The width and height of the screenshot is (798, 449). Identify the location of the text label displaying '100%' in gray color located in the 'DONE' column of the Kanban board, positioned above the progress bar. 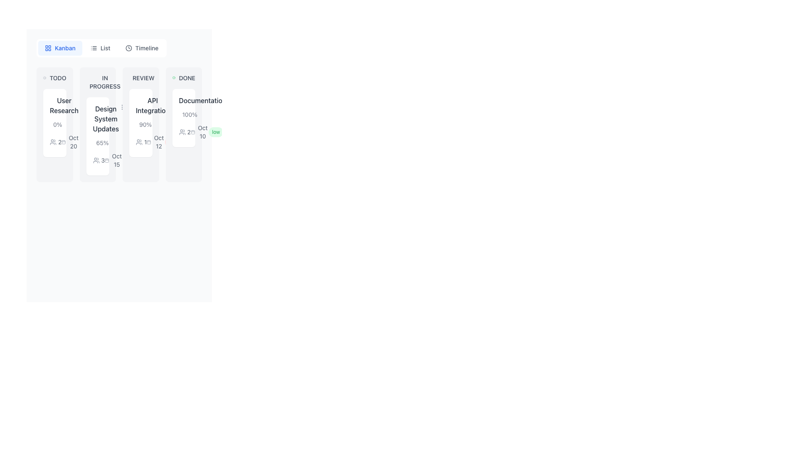
(189, 115).